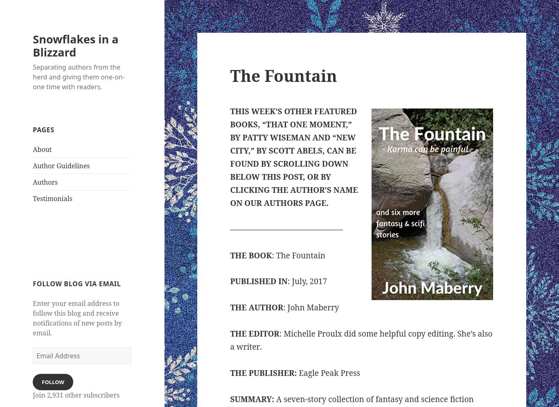 Image resolution: width=559 pixels, height=407 pixels. Describe the element at coordinates (252, 399) in the screenshot. I see `'SUMMARY:'` at that location.